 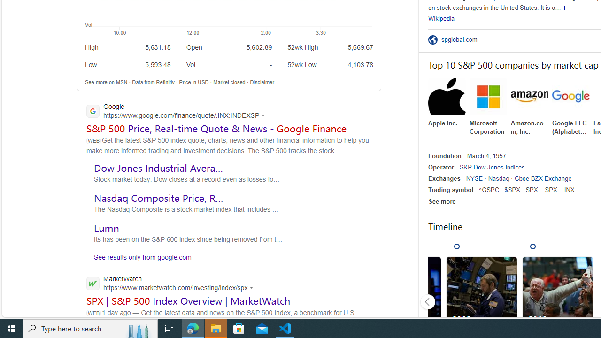 What do you see at coordinates (443, 178) in the screenshot?
I see `'Exchanges'` at bounding box center [443, 178].